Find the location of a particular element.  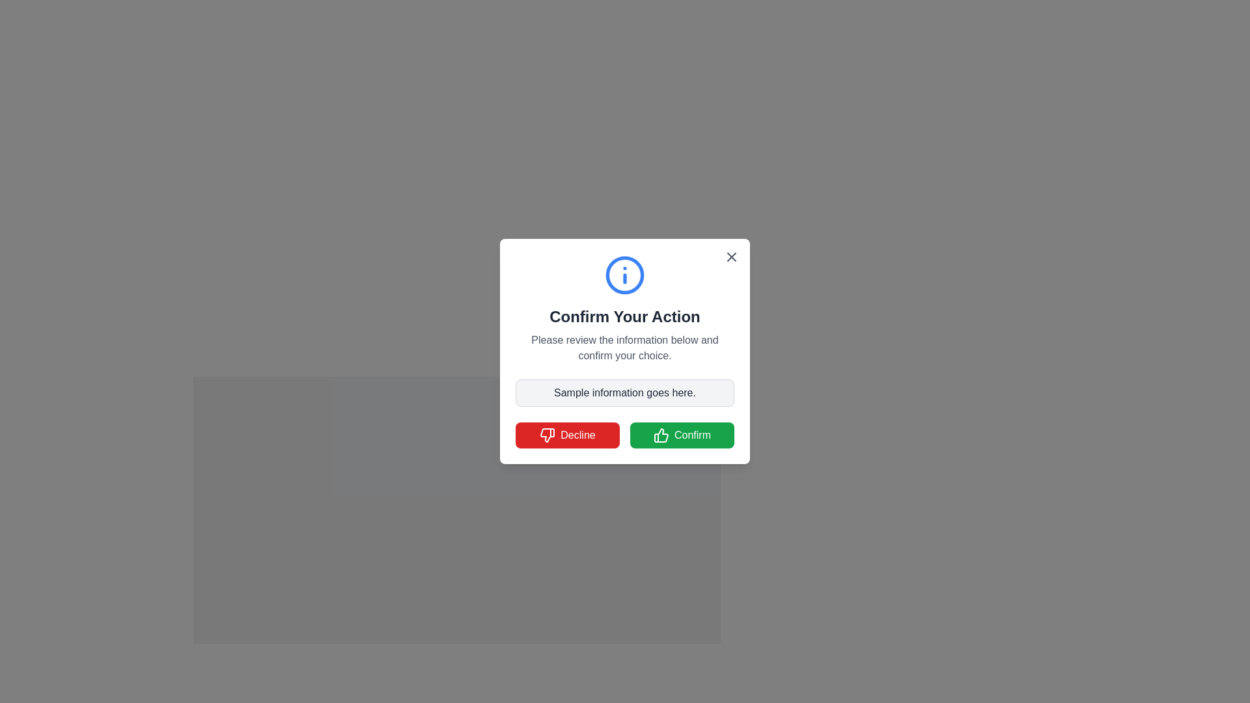

the red 'Decline' button with white text and a thumbs-down icon located in the lower-left area of the modal dialog is located at coordinates (568, 435).